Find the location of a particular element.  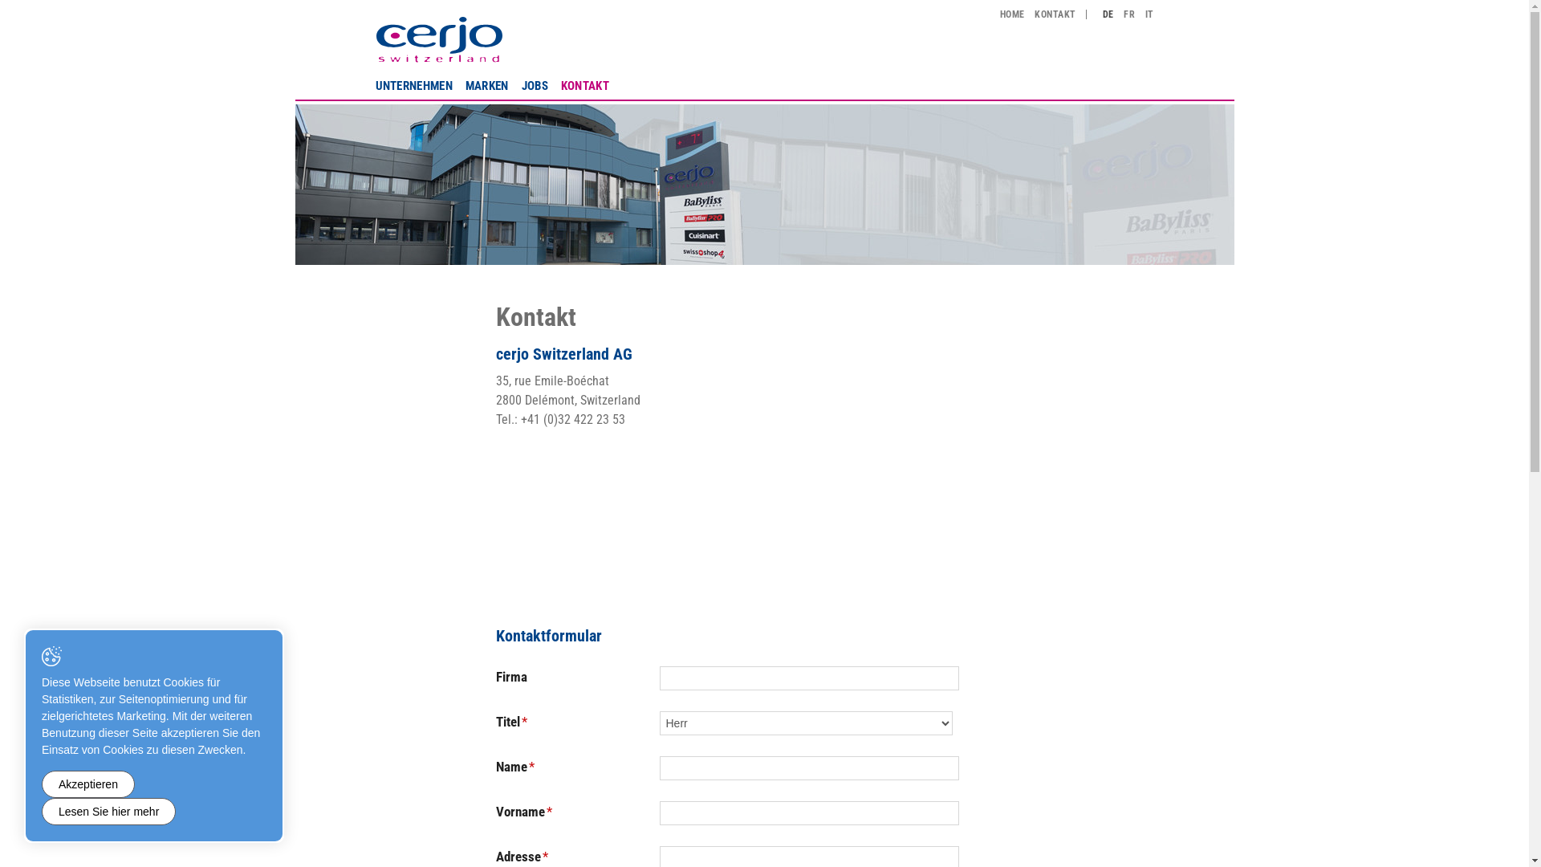

'KONTAKT' is located at coordinates (1055, 14).